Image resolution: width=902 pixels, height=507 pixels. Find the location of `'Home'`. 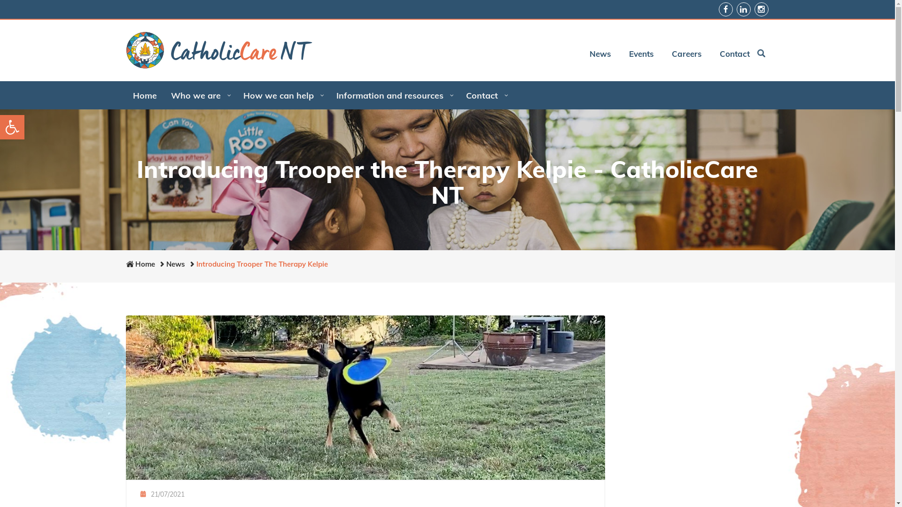

'Home' is located at coordinates (144, 264).